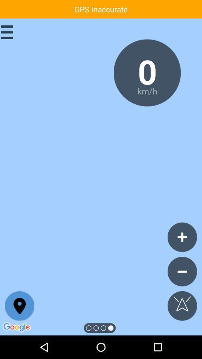 The height and width of the screenshot is (359, 202). What do you see at coordinates (182, 306) in the screenshot?
I see `the navigation icon` at bounding box center [182, 306].